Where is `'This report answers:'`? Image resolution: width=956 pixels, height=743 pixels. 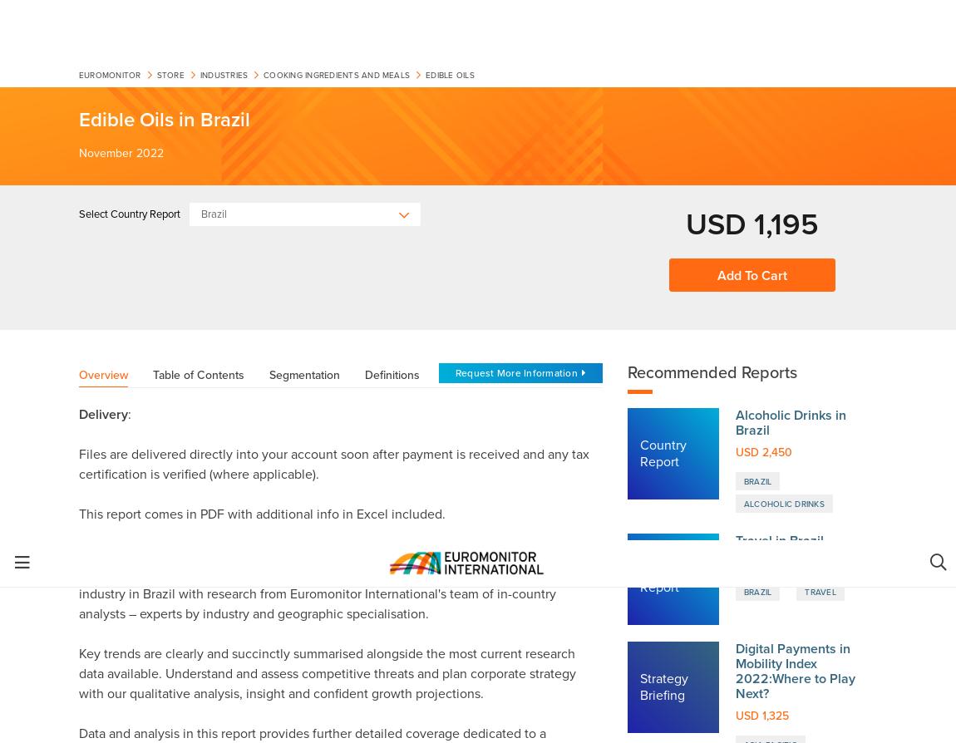
'This report answers:' is located at coordinates (139, 478).